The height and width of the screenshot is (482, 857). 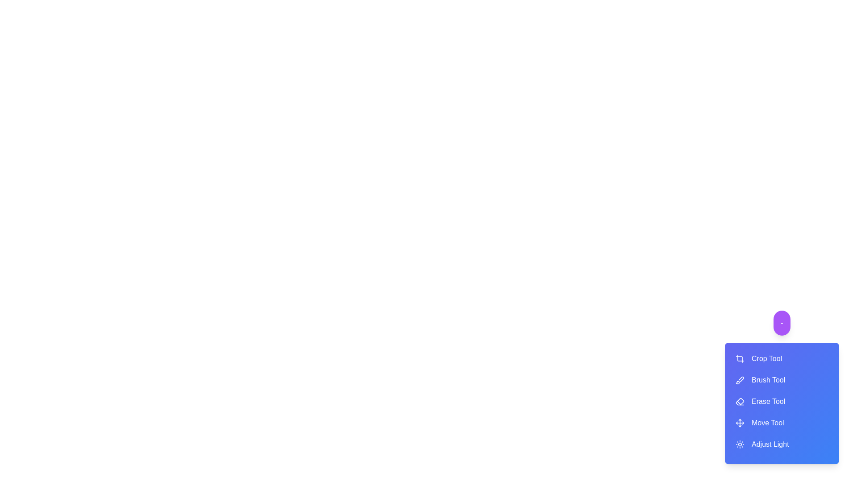 I want to click on the eraser tool icon, which is the third item in a vertical list of five tools located in the bottom-right blue panel, so click(x=740, y=400).